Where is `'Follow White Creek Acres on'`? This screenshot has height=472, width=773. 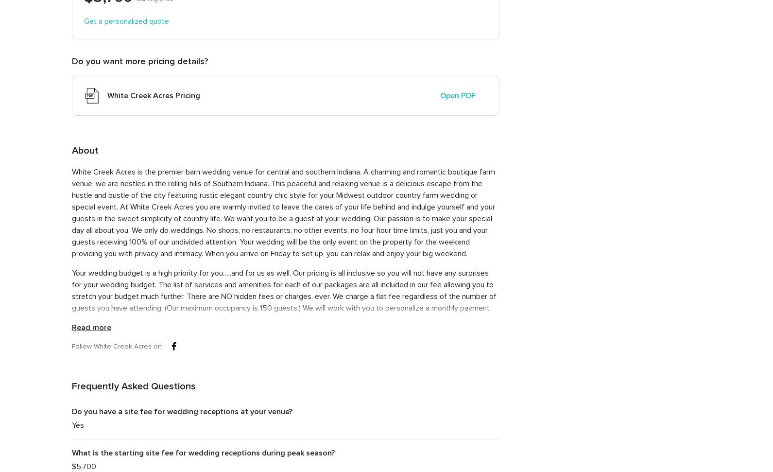
'Follow White Creek Acres on' is located at coordinates (116, 346).